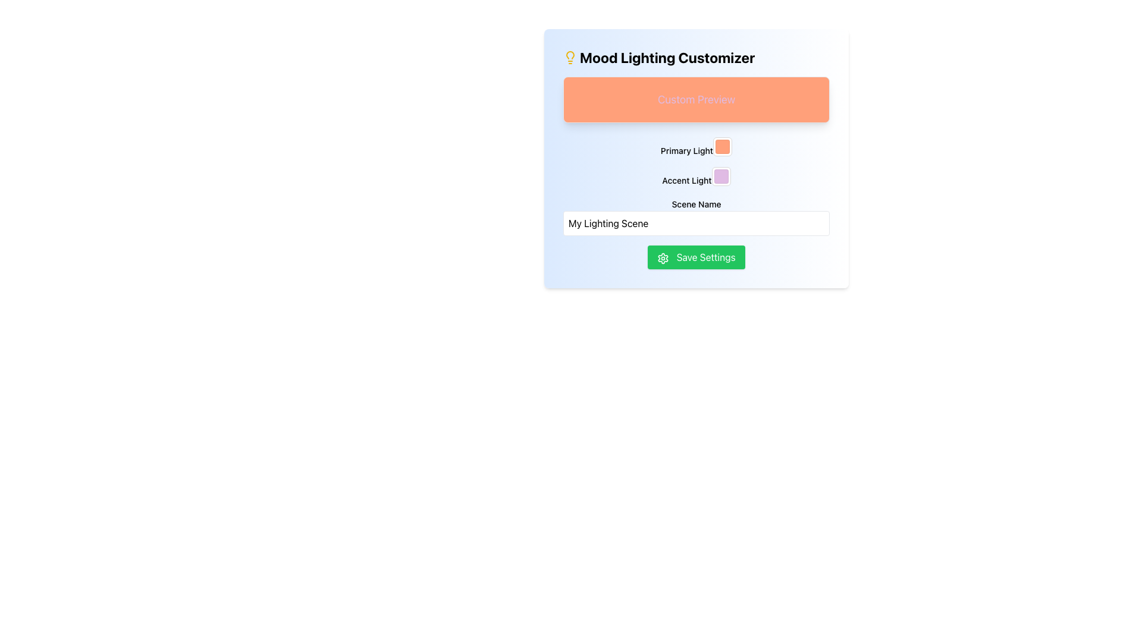 Image resolution: width=1142 pixels, height=642 pixels. Describe the element at coordinates (721, 146) in the screenshot. I see `the light orange square color indicator located to the right of the 'Primary Light' label` at that location.